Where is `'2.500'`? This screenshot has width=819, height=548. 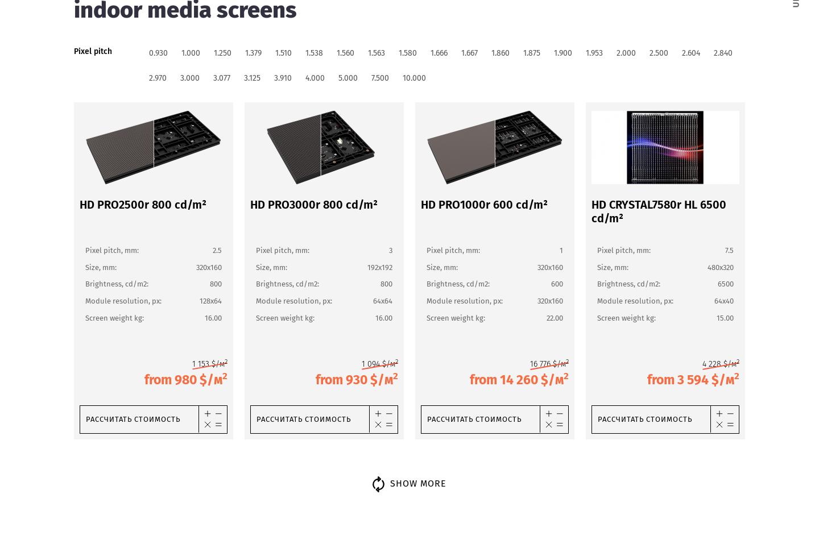 '2.500' is located at coordinates (659, 52).